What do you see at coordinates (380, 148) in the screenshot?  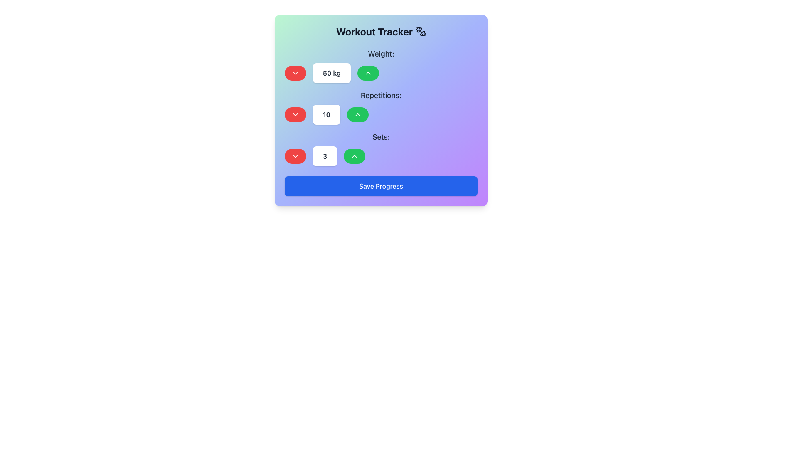 I see `the upward chevron button to increase the number of sets in the workout adjustment element located under the 'Workout Tracker' title` at bounding box center [380, 148].